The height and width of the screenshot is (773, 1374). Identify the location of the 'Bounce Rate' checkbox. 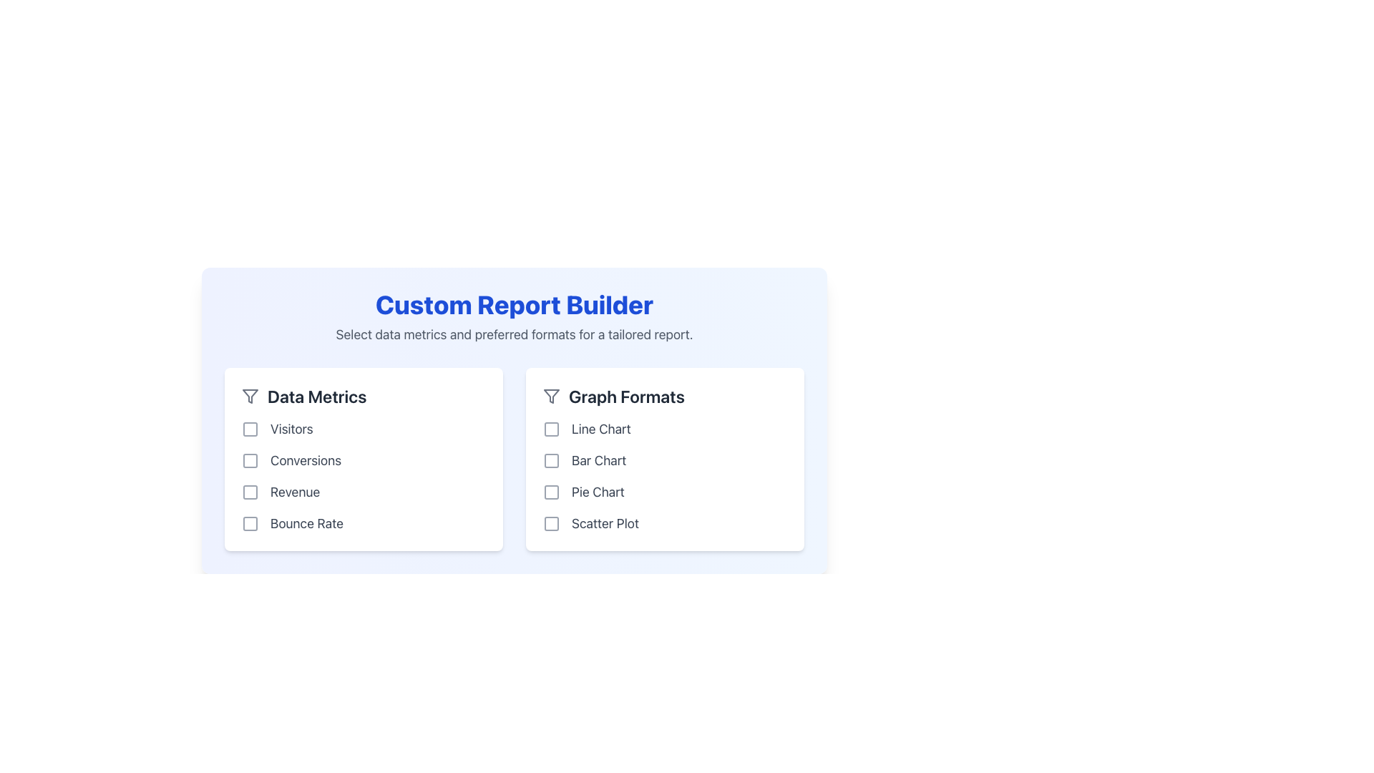
(364, 524).